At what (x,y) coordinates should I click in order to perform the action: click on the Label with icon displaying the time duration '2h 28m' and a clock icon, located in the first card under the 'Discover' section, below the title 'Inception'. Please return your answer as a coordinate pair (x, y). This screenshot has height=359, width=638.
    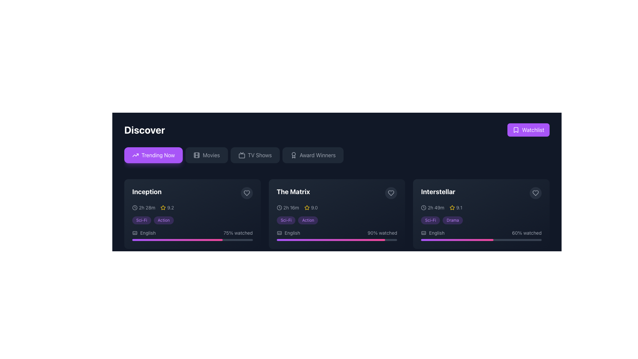
    Looking at the image, I should click on (143, 207).